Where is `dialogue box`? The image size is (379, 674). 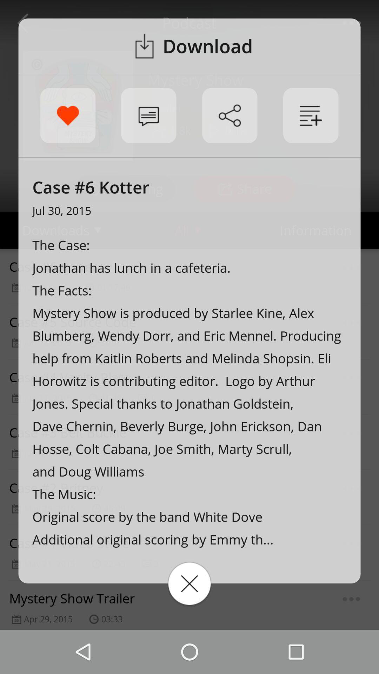
dialogue box is located at coordinates (189, 583).